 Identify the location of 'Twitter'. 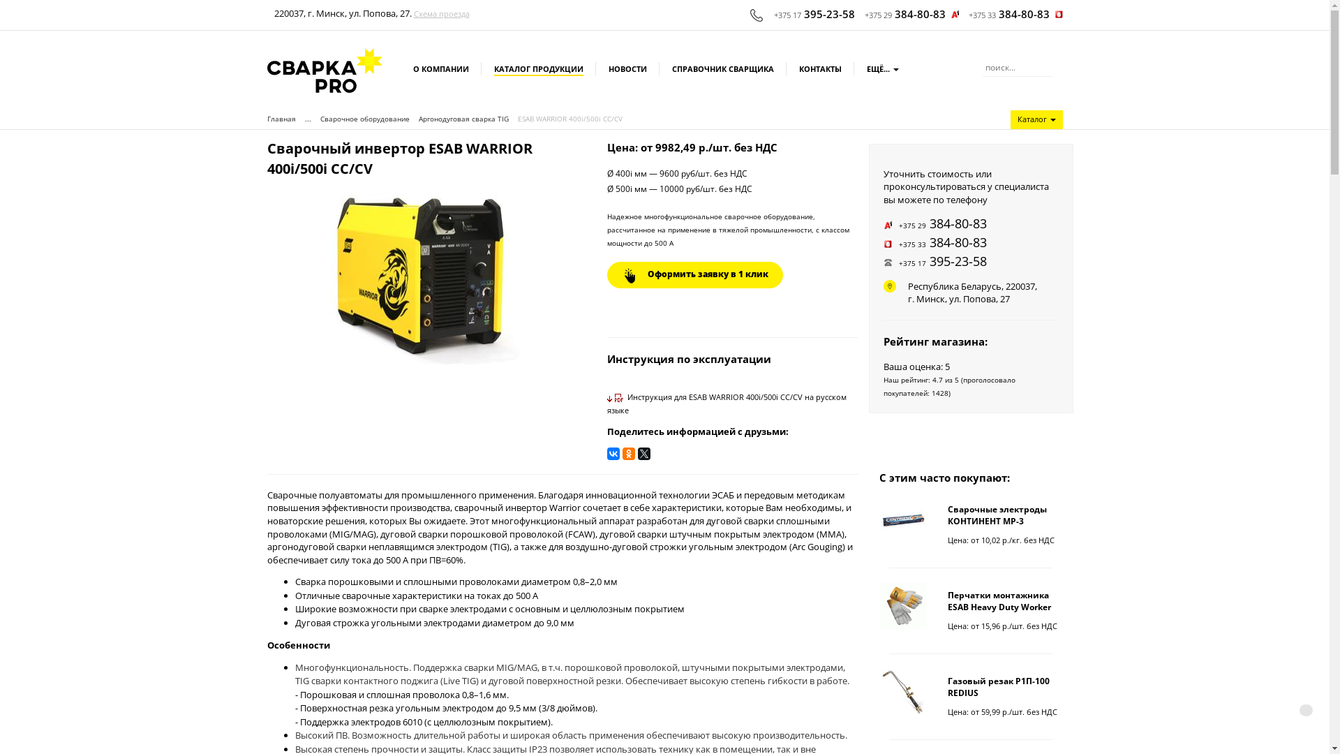
(643, 454).